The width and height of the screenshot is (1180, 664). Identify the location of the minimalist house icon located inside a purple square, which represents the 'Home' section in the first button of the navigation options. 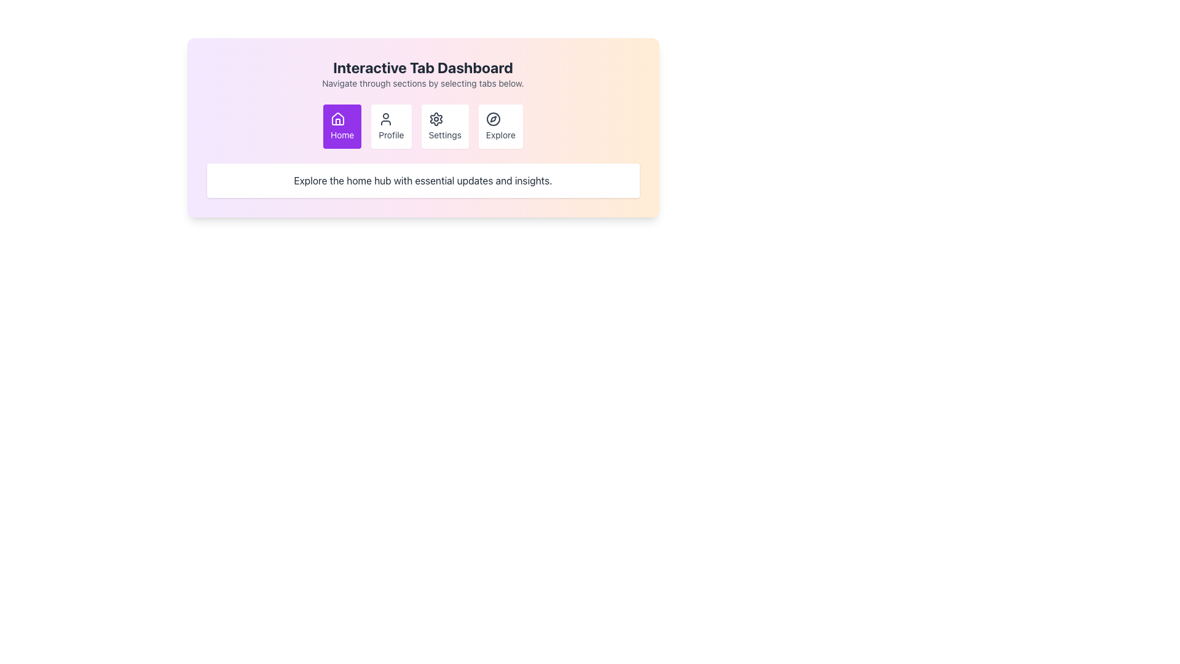
(337, 119).